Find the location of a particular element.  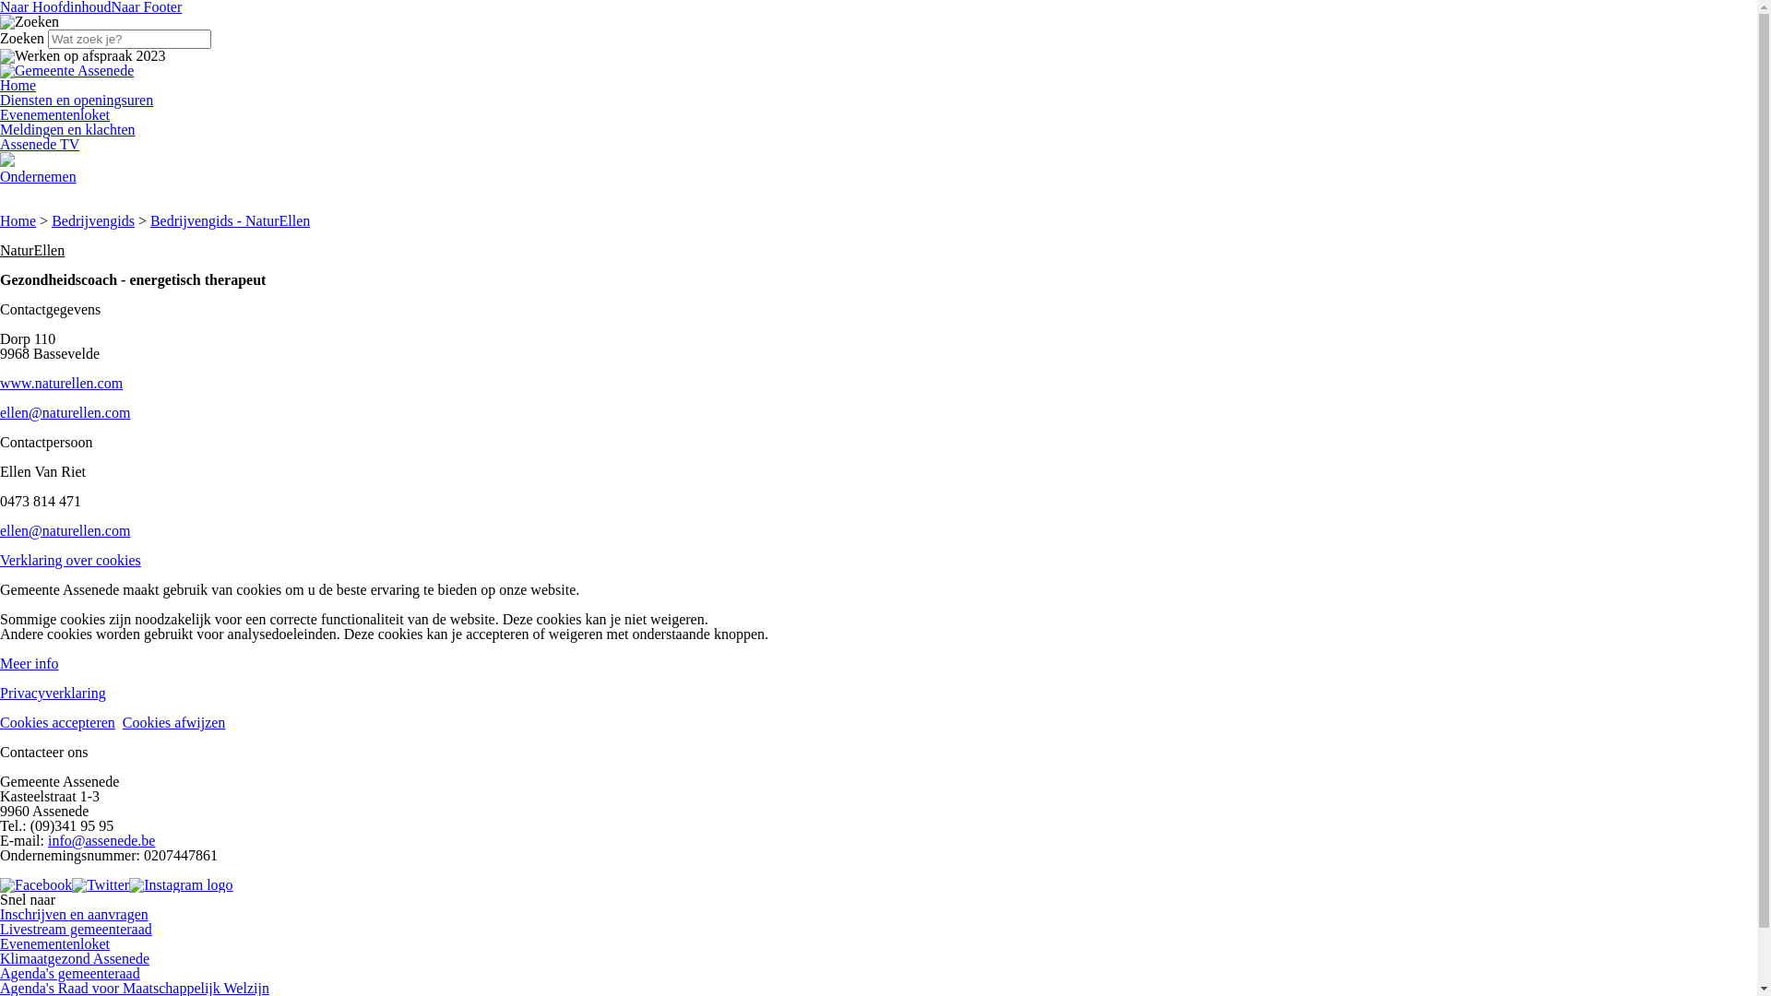

'Ondernemen' is located at coordinates (38, 176).